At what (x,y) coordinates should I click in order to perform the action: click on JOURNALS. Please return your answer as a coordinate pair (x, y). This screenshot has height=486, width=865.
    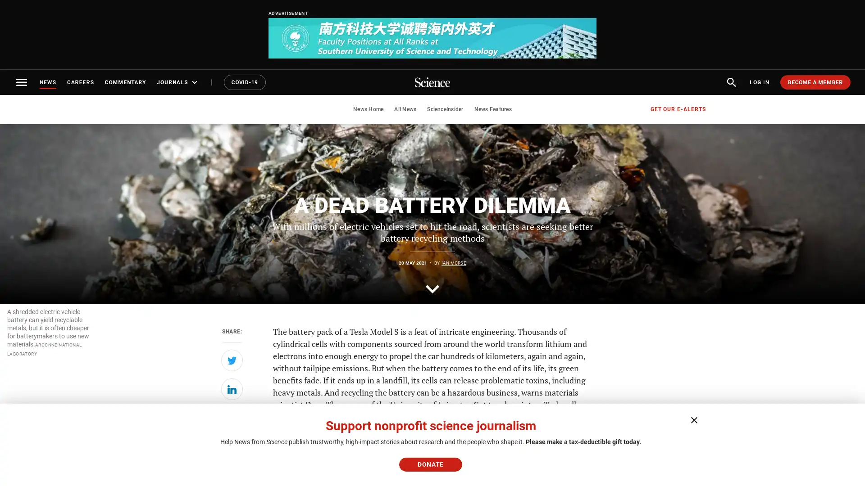
    Looking at the image, I should click on (178, 82).